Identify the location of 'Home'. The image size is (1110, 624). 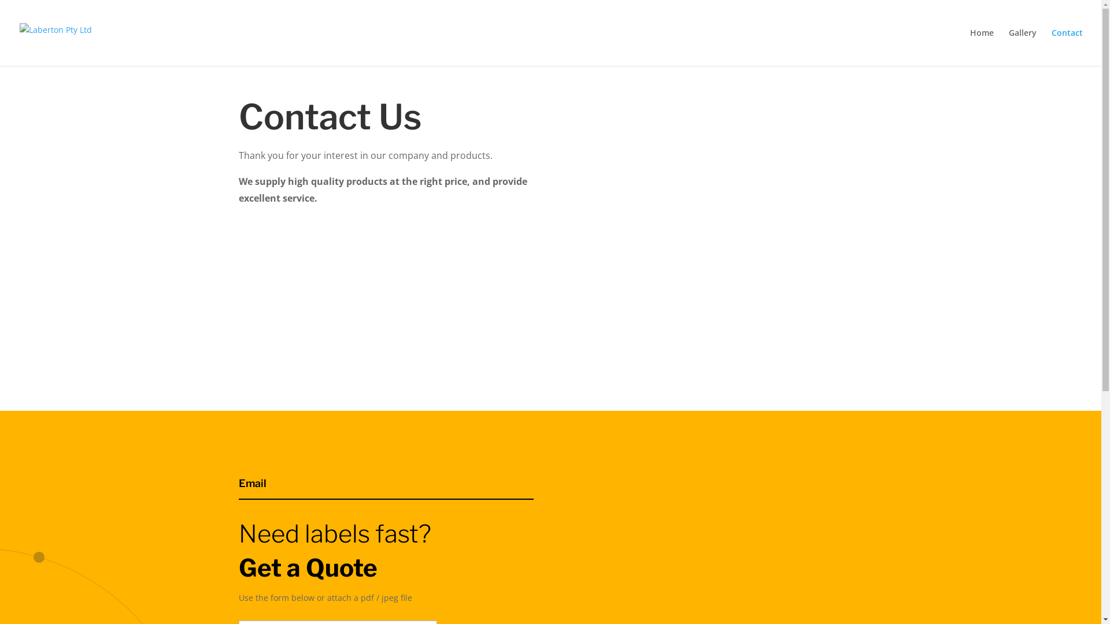
(981, 46).